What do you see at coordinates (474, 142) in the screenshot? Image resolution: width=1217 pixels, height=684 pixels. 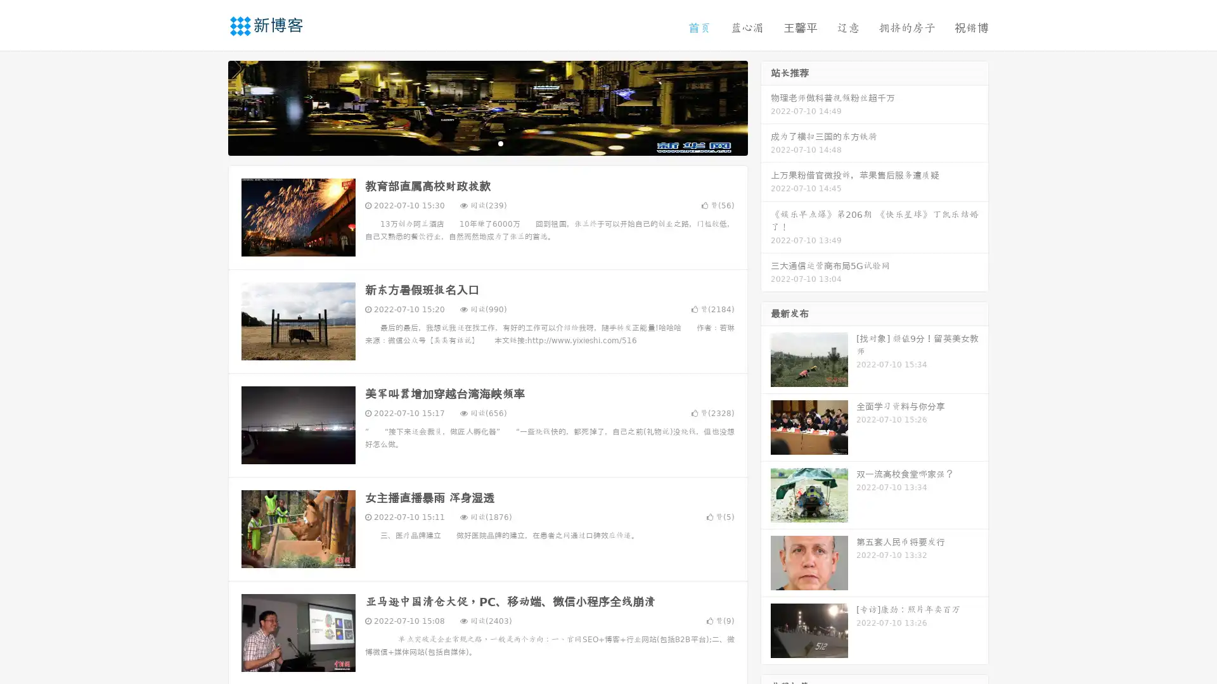 I see `Go to slide 1` at bounding box center [474, 142].